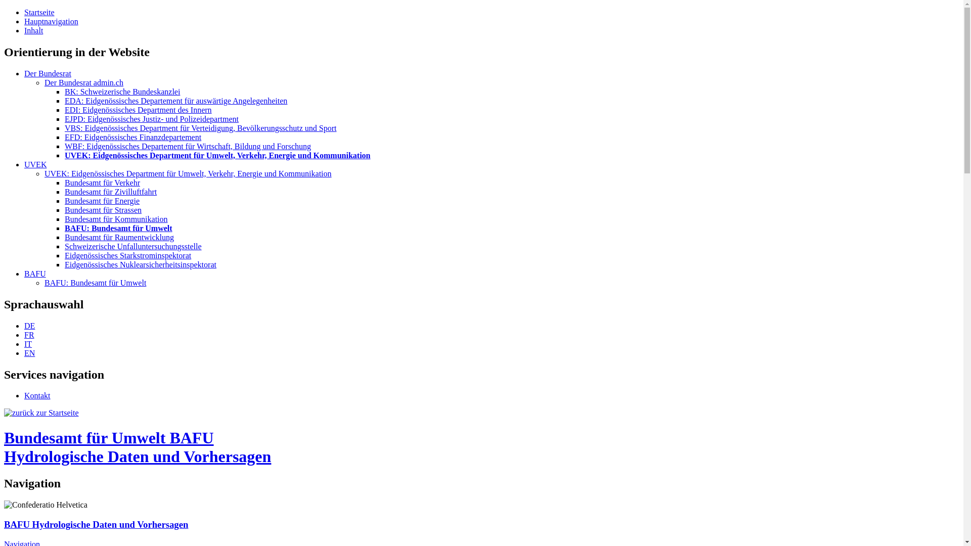  What do you see at coordinates (28, 343) in the screenshot?
I see `'IT'` at bounding box center [28, 343].